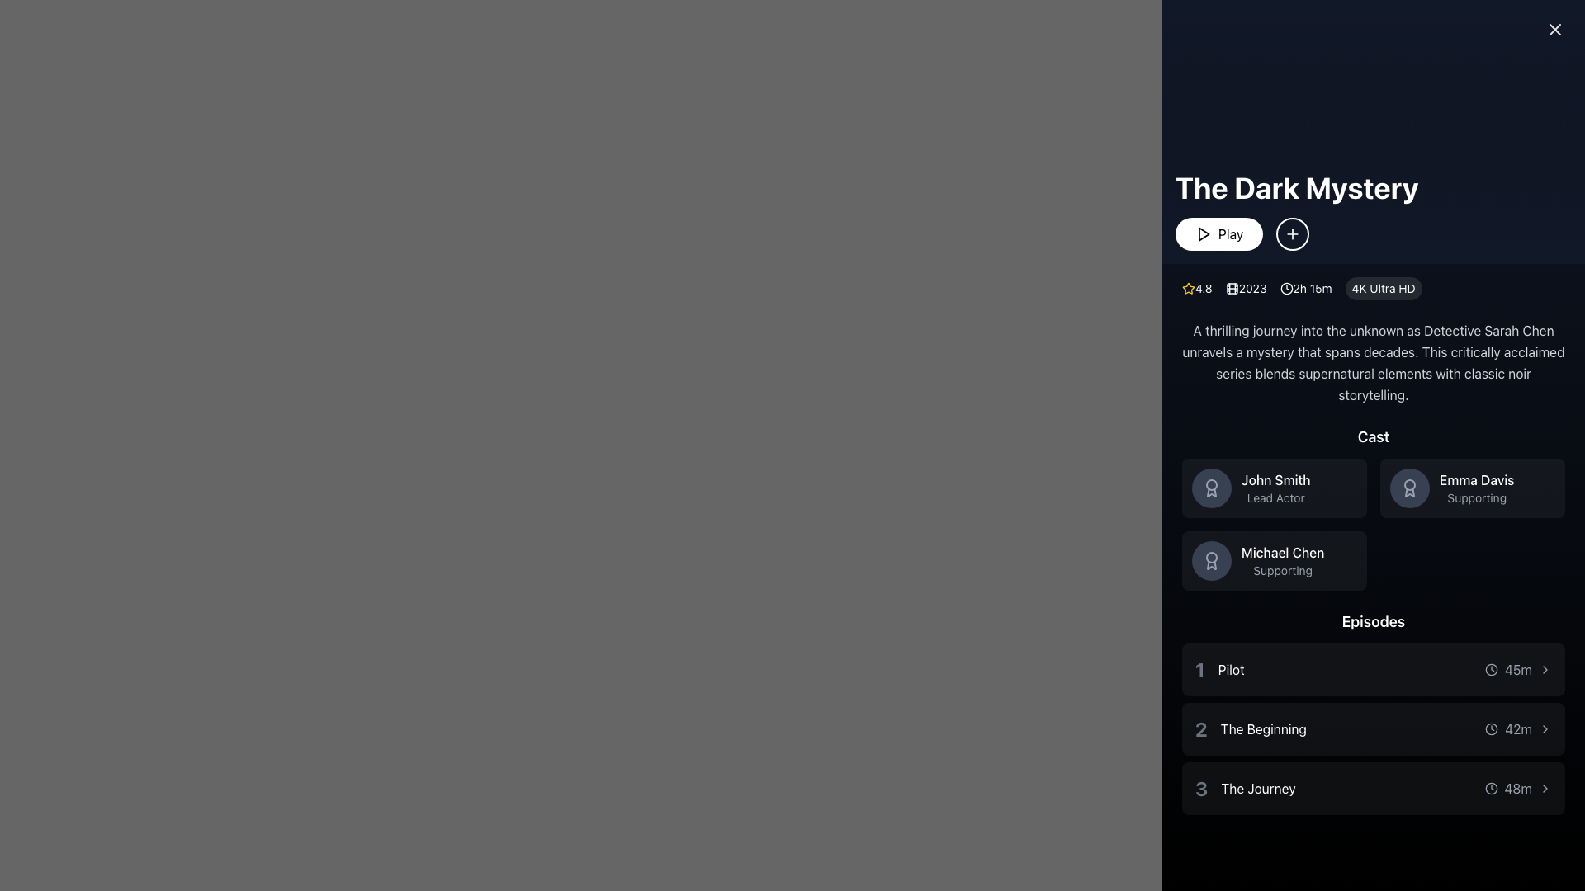 The height and width of the screenshot is (891, 1585). What do you see at coordinates (1518, 788) in the screenshot?
I see `the Label with a clock icon displaying '48m', which is located next to the text 'The Journey' in the third episode of the 'Episodes' section` at bounding box center [1518, 788].